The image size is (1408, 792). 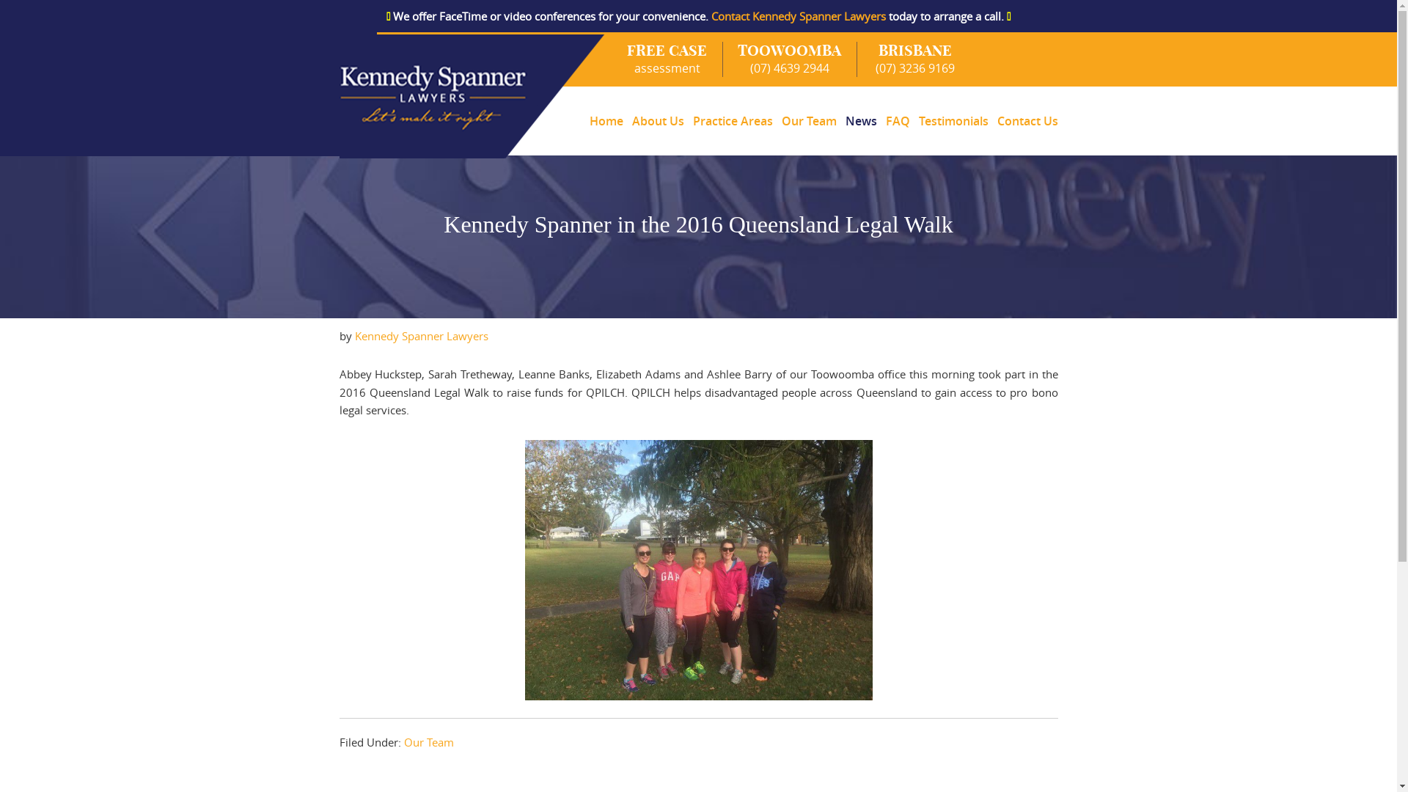 I want to click on 'News', so click(x=860, y=120).